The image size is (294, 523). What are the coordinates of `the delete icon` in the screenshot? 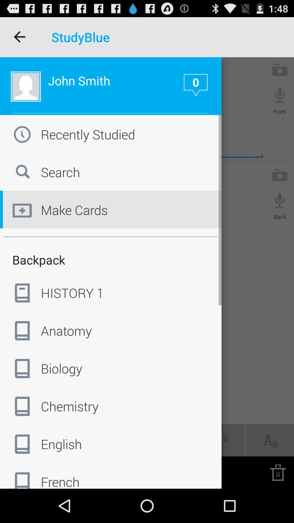 It's located at (278, 505).